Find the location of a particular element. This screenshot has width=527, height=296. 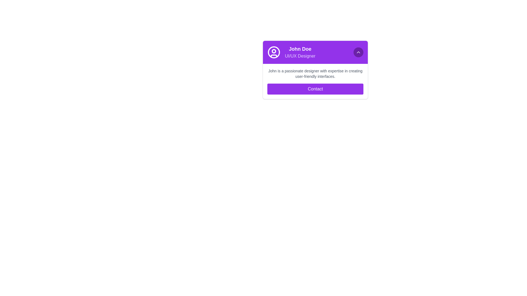

the text label that displays 'UI/UX Designer' in light purple color, located below 'John Doe' within a card-like component is located at coordinates (300, 56).